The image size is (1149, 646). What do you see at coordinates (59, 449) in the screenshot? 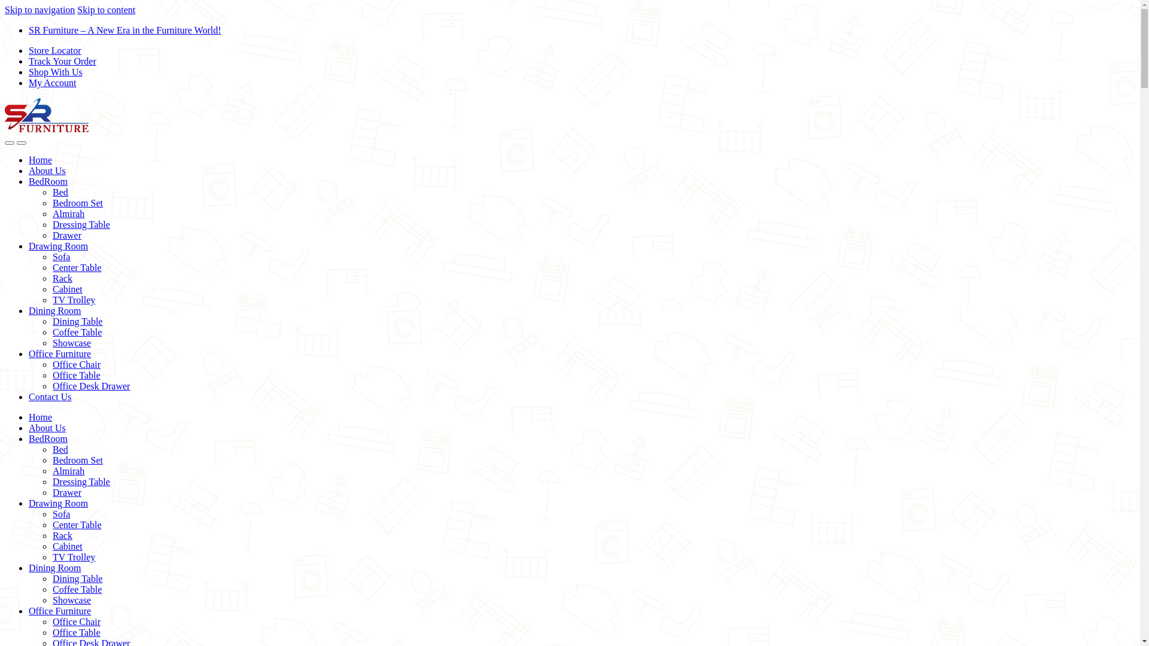
I see `'Bed'` at bounding box center [59, 449].